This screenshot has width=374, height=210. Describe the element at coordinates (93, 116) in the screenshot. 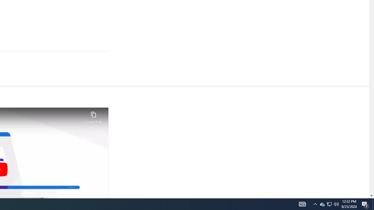

I see `'Copy link'` at that location.